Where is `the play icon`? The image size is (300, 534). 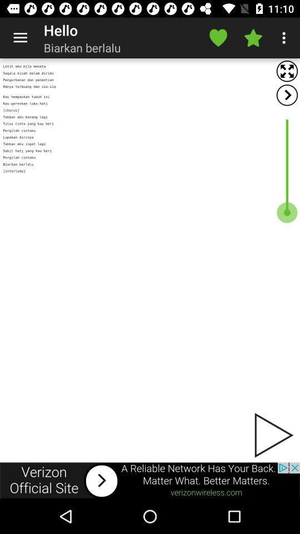 the play icon is located at coordinates (272, 435).